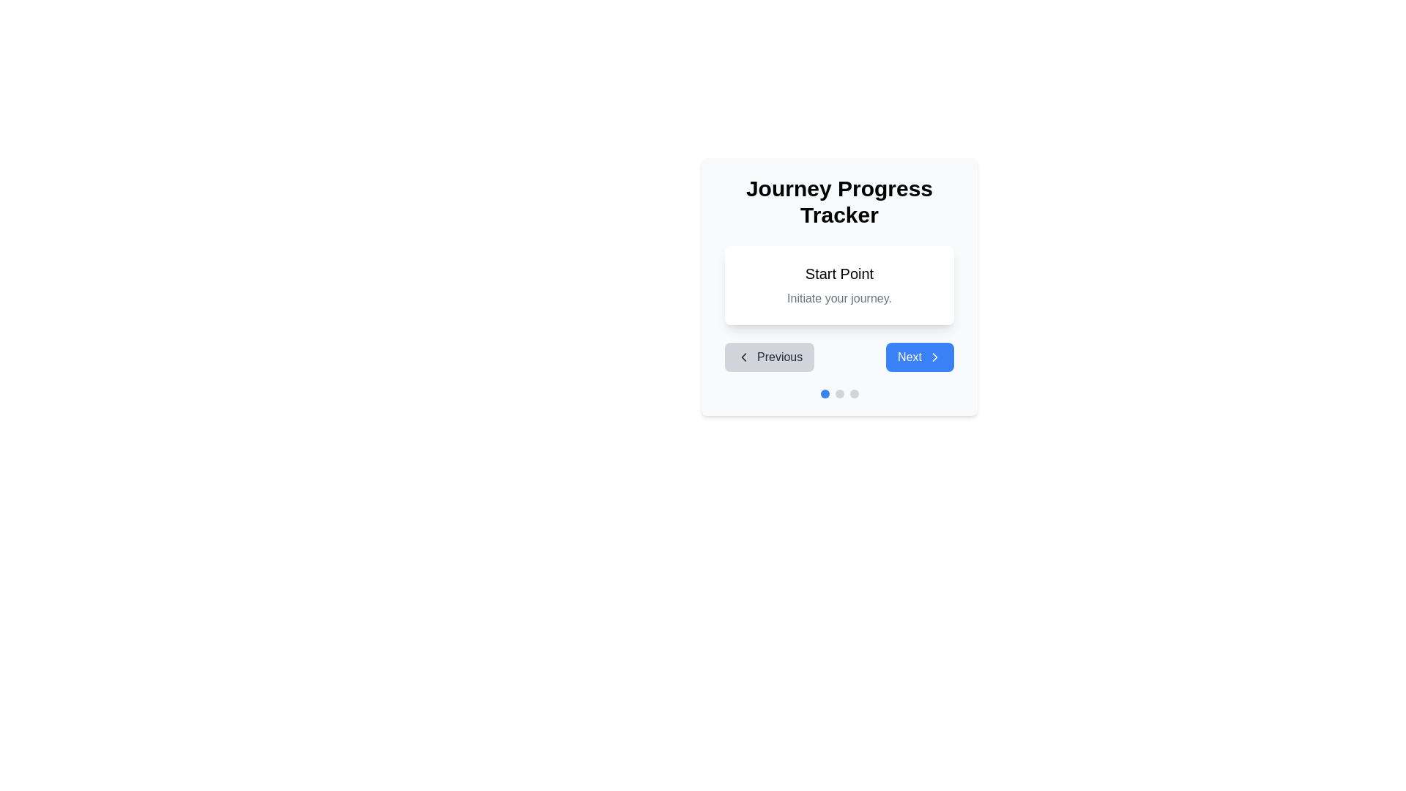 The image size is (1406, 791). Describe the element at coordinates (919, 357) in the screenshot. I see `the 'Next' button with a blue background and white text` at that location.